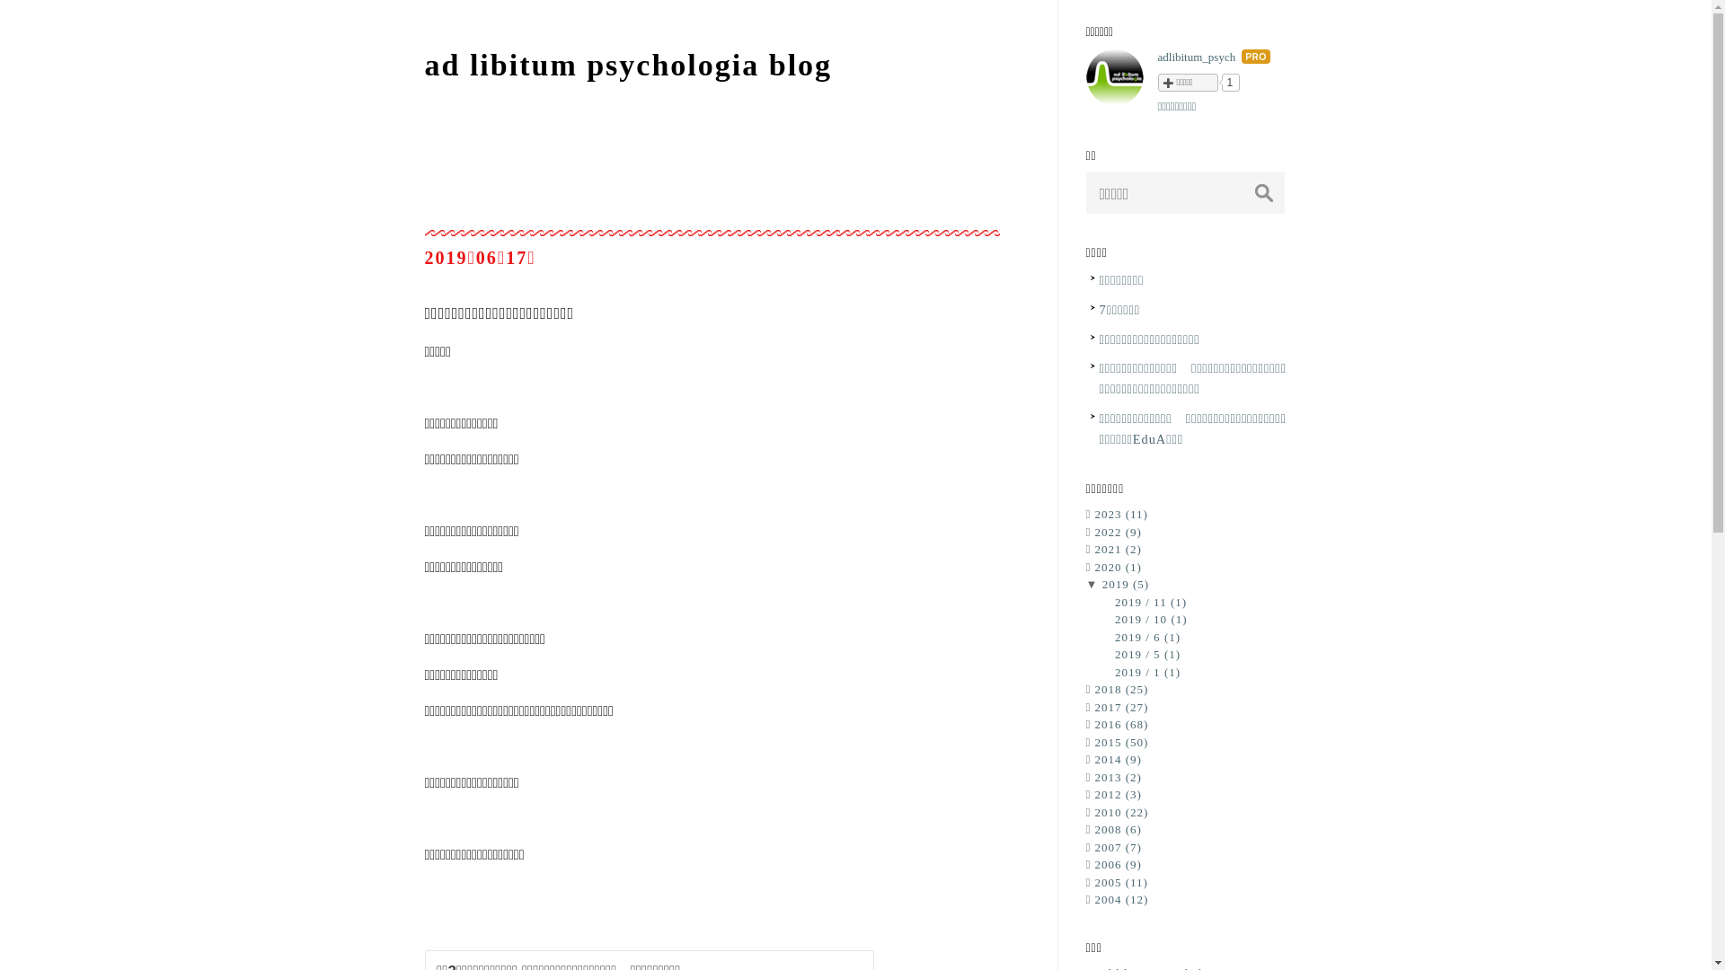 The image size is (1725, 970). What do you see at coordinates (1120, 899) in the screenshot?
I see `'2004 (12)'` at bounding box center [1120, 899].